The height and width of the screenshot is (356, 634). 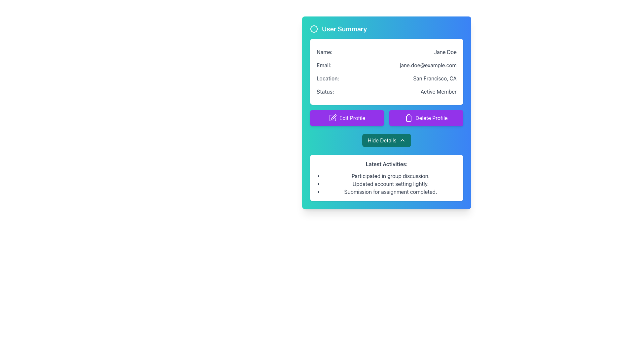 What do you see at coordinates (390, 184) in the screenshot?
I see `text content of the second item in the bulleted list, which reads 'Updated account setting lightly.'` at bounding box center [390, 184].